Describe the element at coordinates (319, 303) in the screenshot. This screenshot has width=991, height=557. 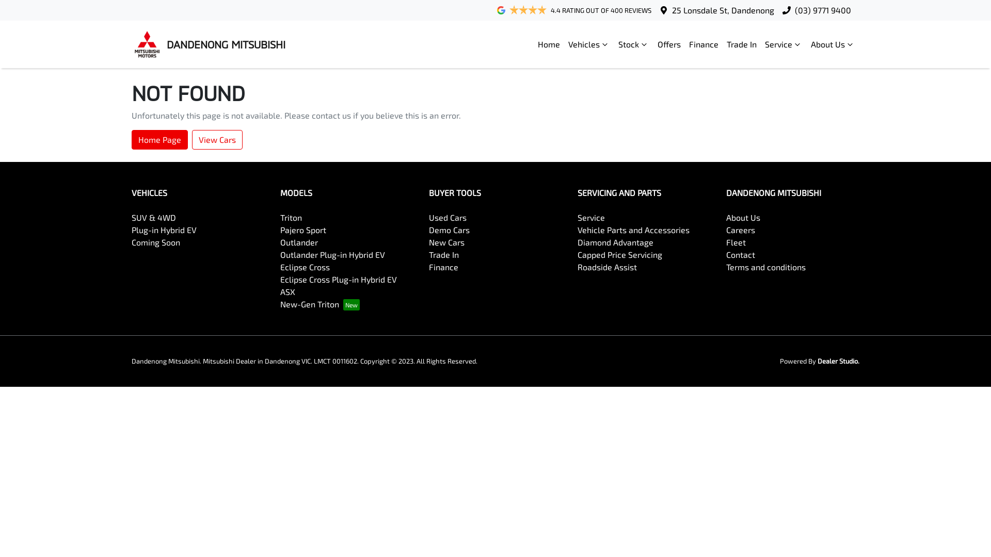
I see `'New-Gen Triton'` at that location.